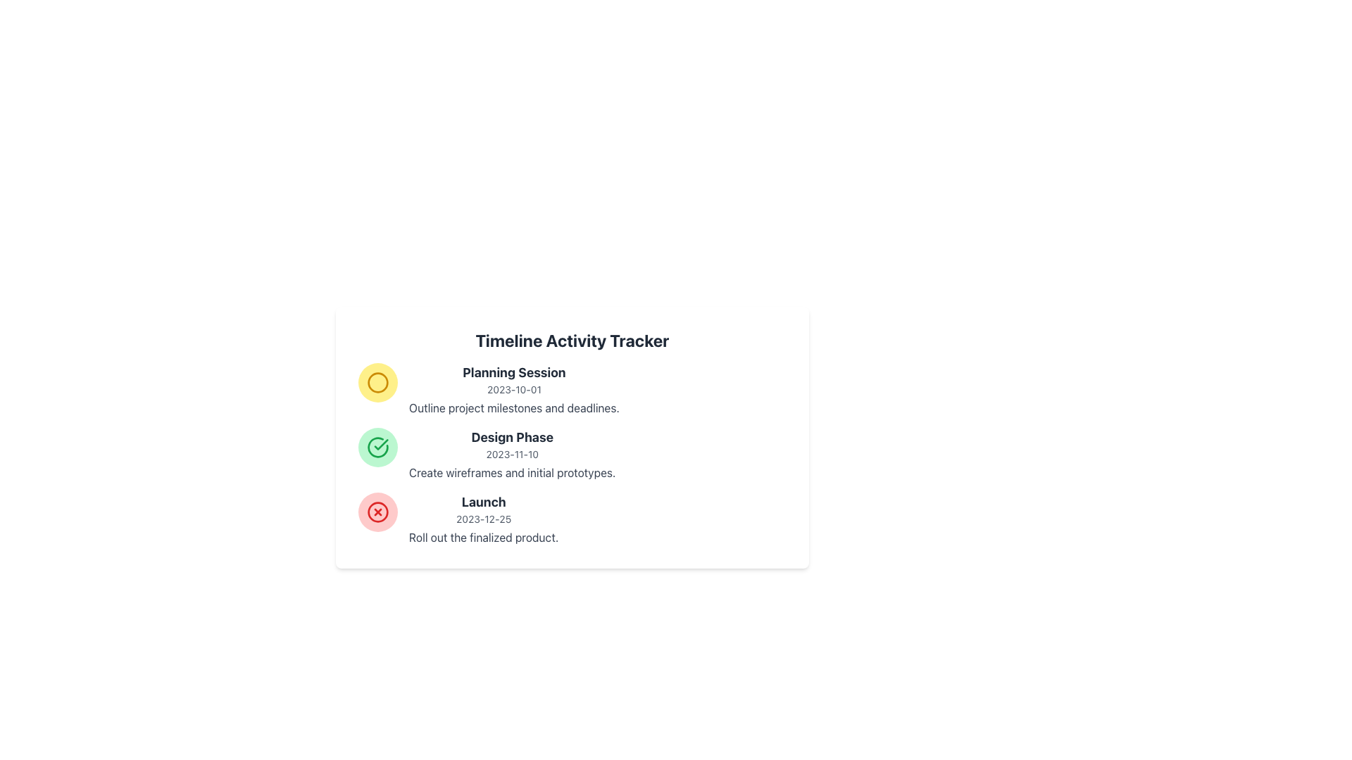  Describe the element at coordinates (572, 519) in the screenshot. I see `to select the 'Launch' phase task in the timeline tracker, which is the third item in the vertically stacked list` at that location.